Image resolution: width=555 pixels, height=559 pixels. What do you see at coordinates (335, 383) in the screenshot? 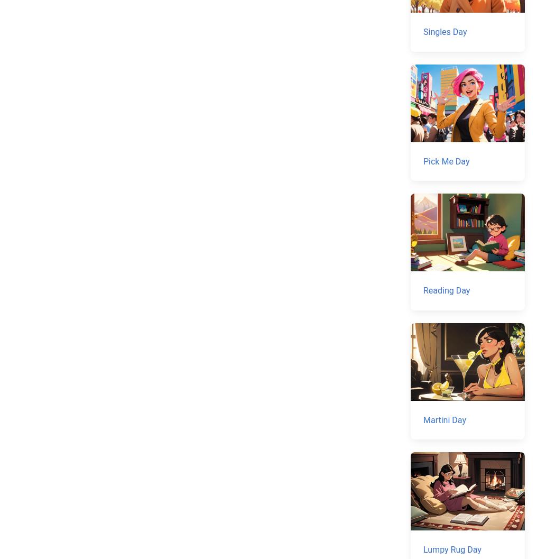
I see `'Today's national day'` at bounding box center [335, 383].